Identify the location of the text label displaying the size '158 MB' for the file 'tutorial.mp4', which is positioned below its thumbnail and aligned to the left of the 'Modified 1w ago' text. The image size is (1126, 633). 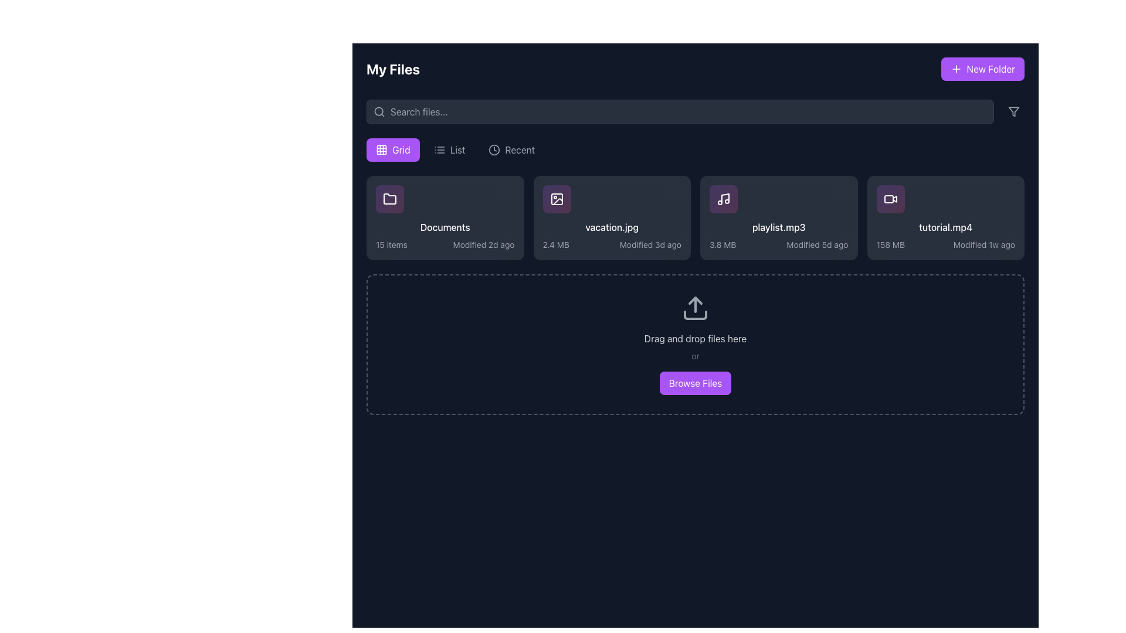
(890, 244).